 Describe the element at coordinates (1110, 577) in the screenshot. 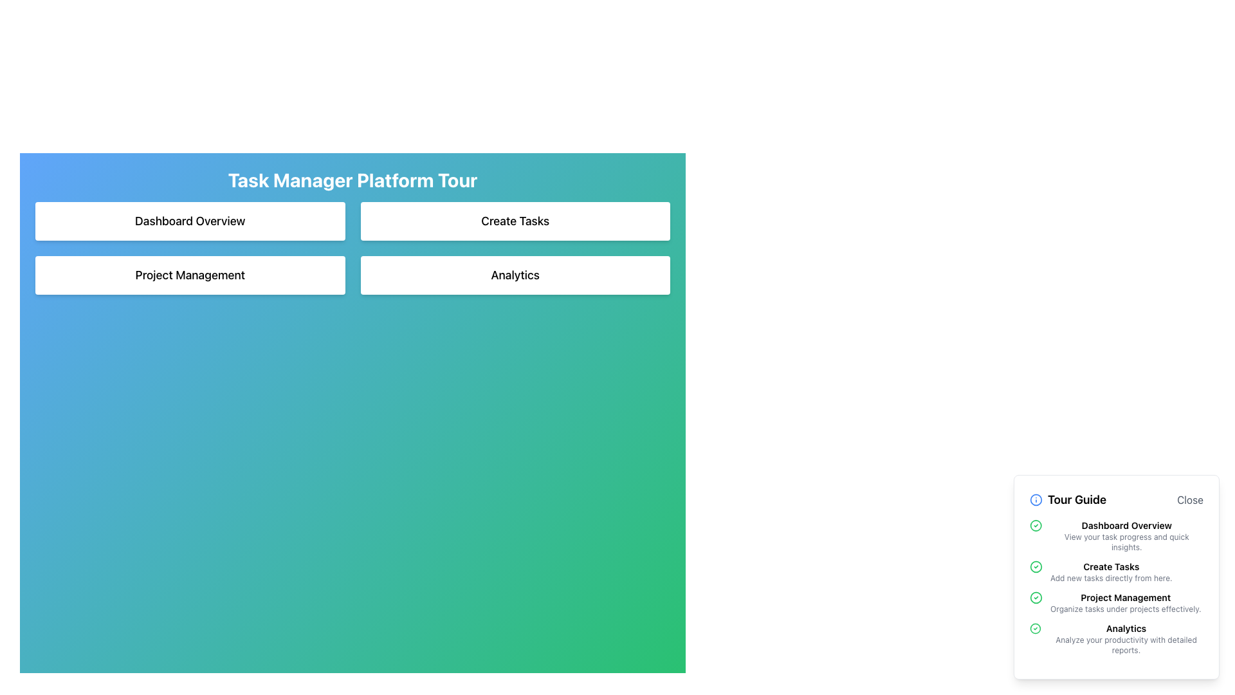

I see `instructional text displayed in small gray font that says 'Add new tasks directly from here.' located below the 'Create Tasks.' text in the 'Tour Guide' panel` at that location.